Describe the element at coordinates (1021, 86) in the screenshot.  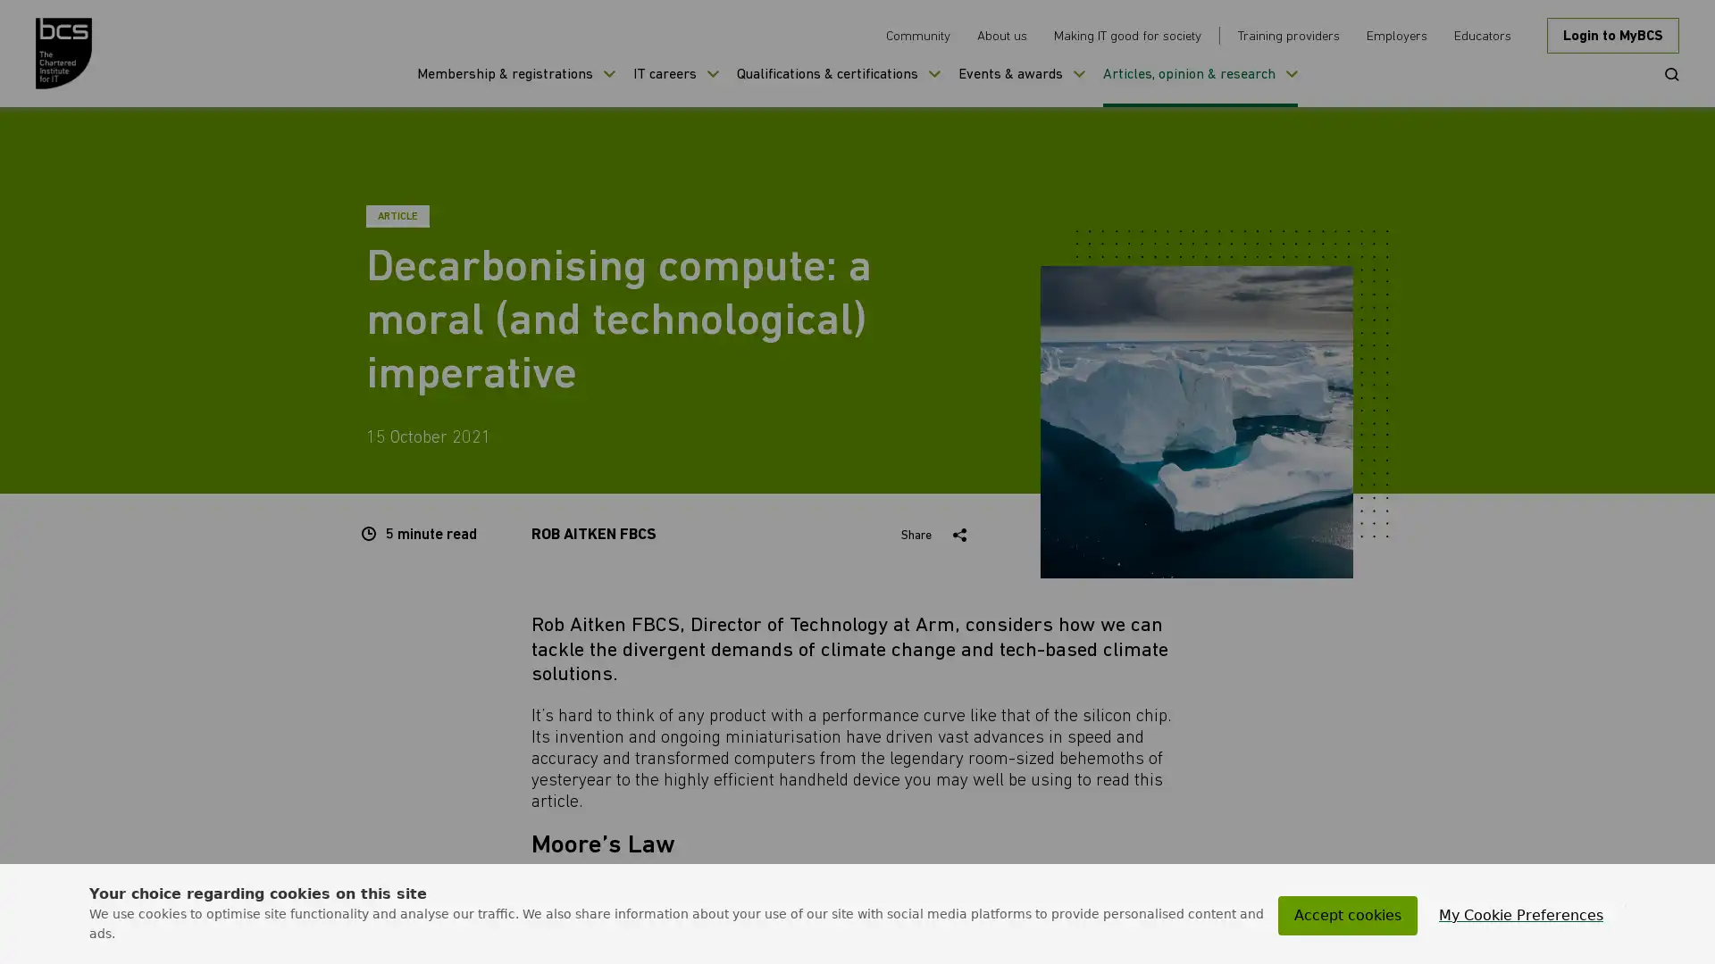
I see `Events & awards` at that location.